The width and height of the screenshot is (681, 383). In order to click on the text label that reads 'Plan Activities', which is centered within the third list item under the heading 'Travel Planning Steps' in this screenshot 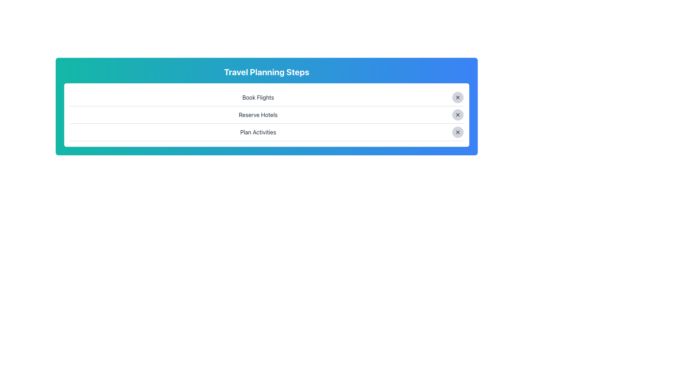, I will do `click(258, 132)`.